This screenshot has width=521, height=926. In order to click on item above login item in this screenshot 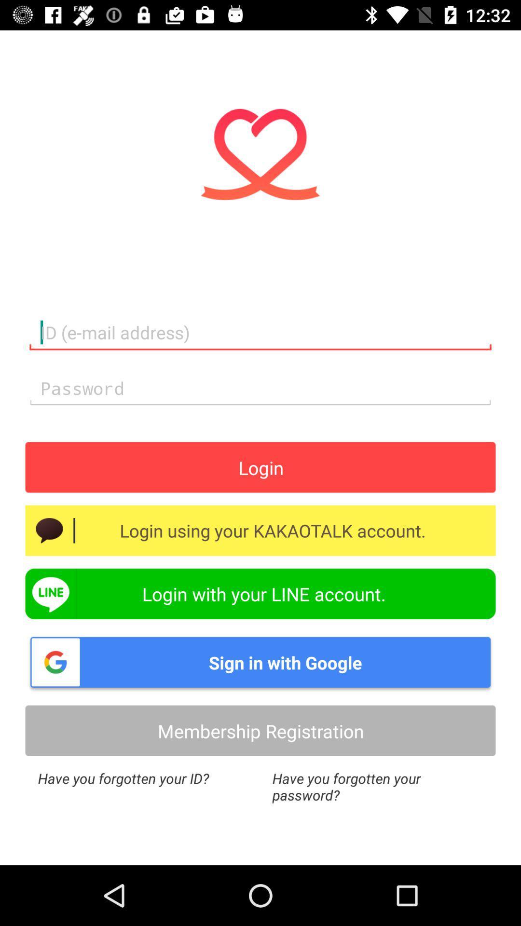, I will do `click(260, 388)`.